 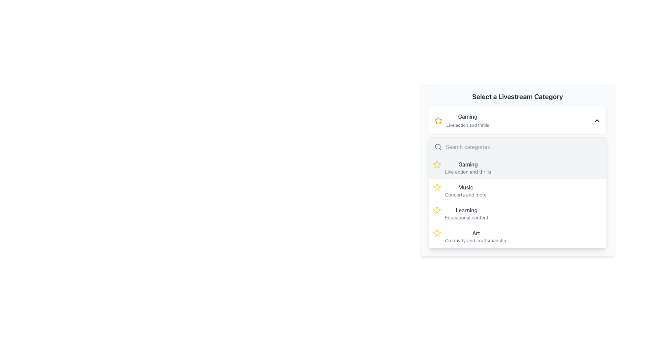 What do you see at coordinates (517, 146) in the screenshot?
I see `the text within the input area of the Text input field labeled 'Search categories' located in the dropdown menu under 'Select a Livestream Category.'` at bounding box center [517, 146].